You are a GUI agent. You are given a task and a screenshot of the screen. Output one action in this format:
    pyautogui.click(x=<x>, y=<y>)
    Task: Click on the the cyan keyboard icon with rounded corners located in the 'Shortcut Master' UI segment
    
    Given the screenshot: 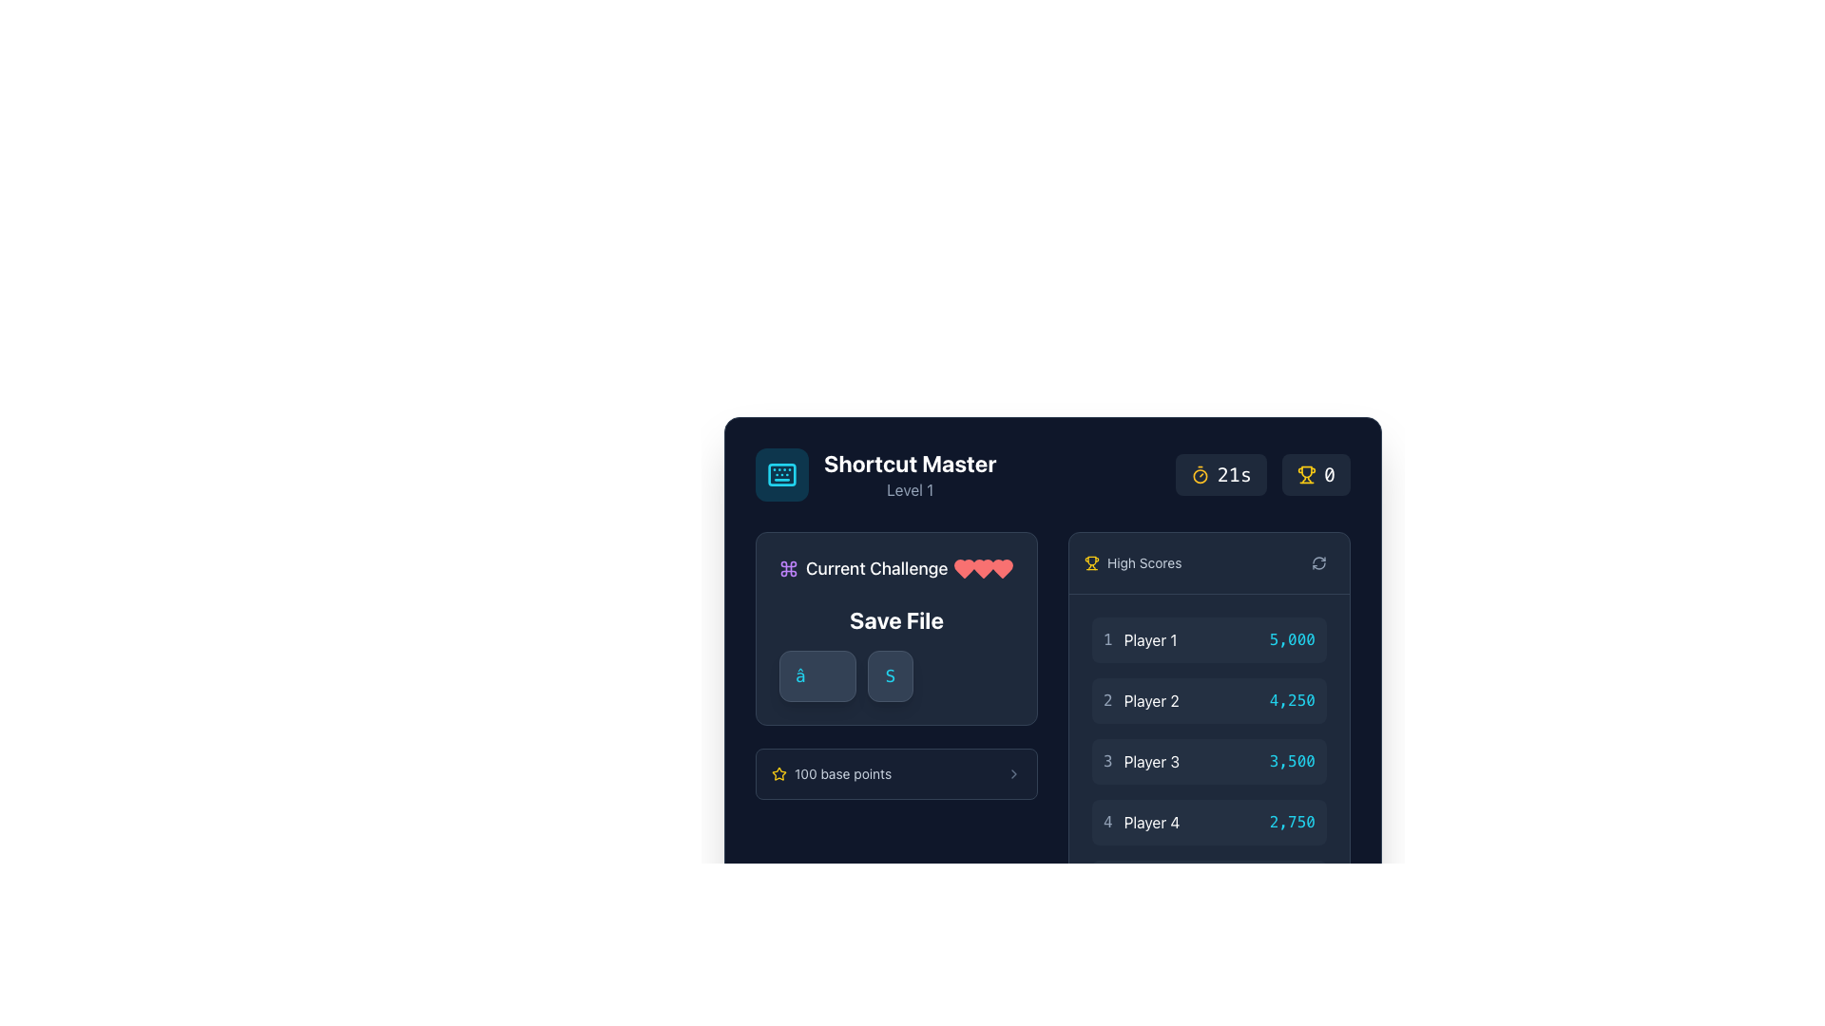 What is the action you would take?
    pyautogui.click(x=781, y=474)
    